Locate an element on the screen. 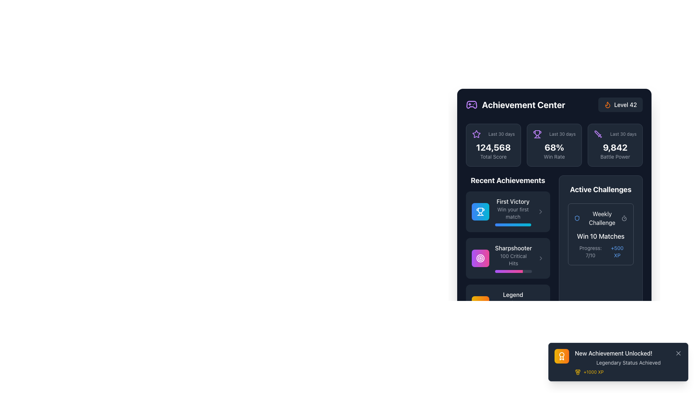 The width and height of the screenshot is (700, 393). the static text display showing the user's current Battle Power, located at the top-right corner of the interface above the 'Battle Power' label is located at coordinates (615, 147).